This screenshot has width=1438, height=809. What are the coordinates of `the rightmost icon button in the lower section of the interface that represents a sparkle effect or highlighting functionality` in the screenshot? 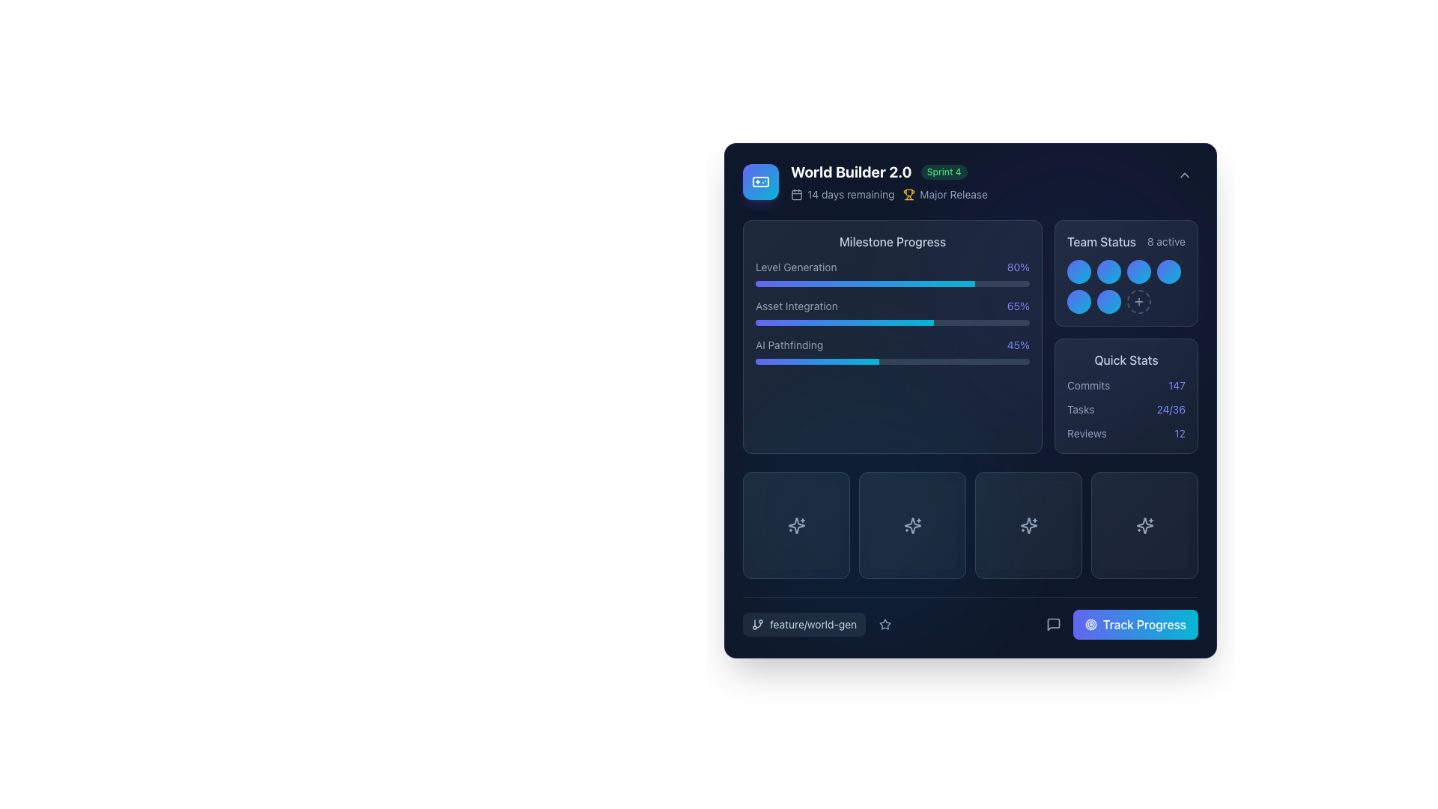 It's located at (1144, 524).